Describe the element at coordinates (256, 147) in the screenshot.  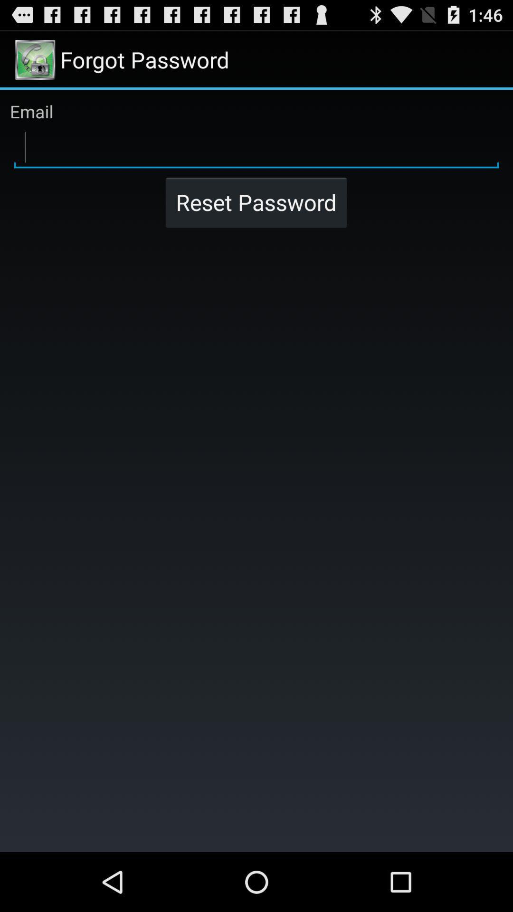
I see `input email to request a password reset` at that location.